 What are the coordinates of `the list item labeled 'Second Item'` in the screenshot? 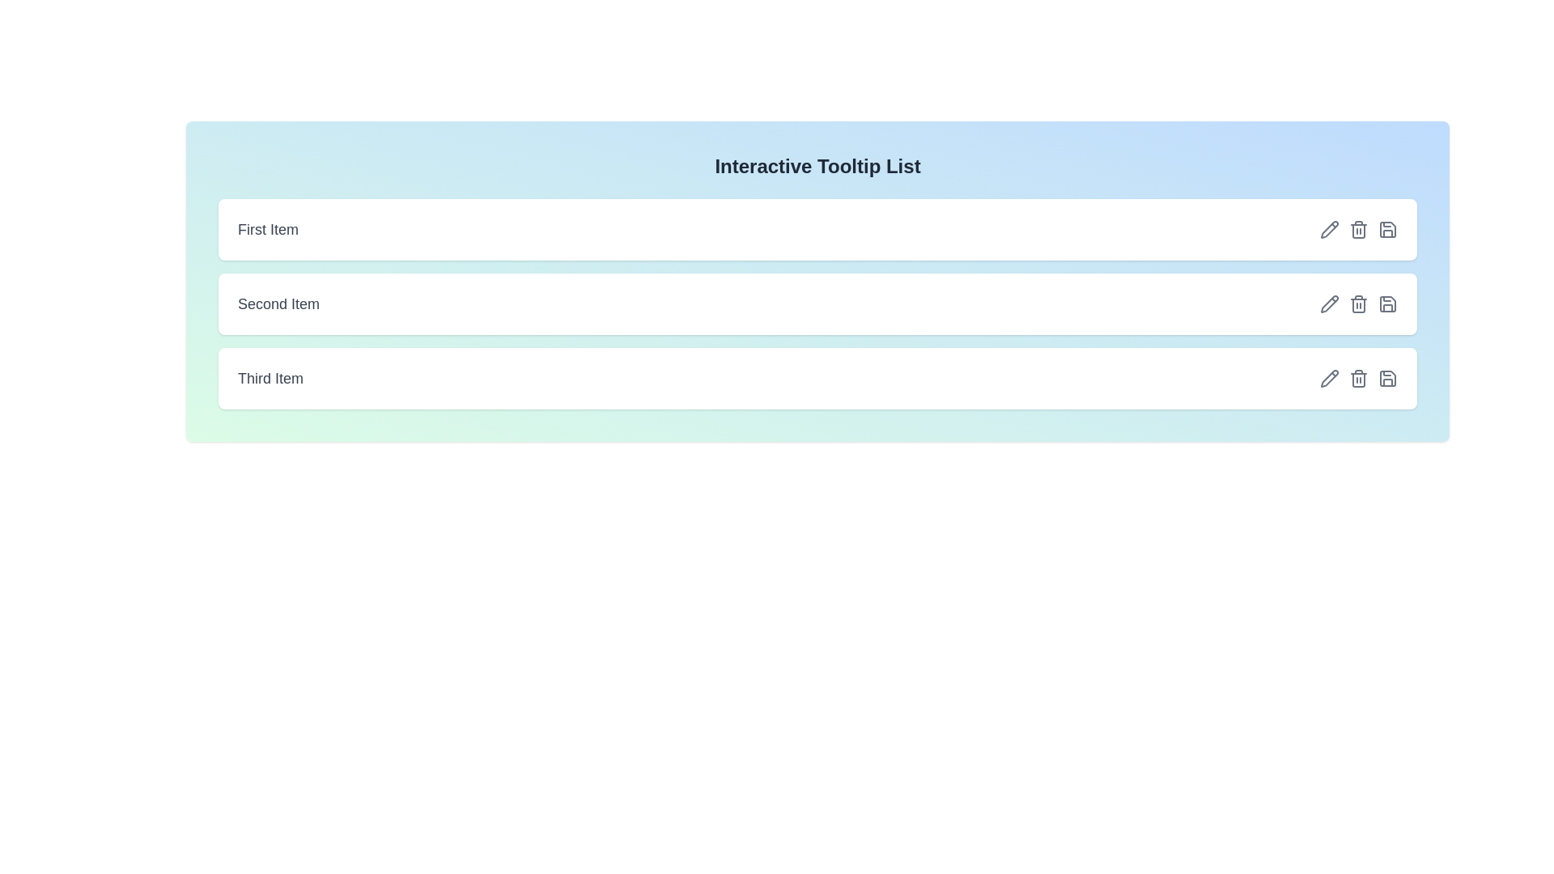 It's located at (817, 303).